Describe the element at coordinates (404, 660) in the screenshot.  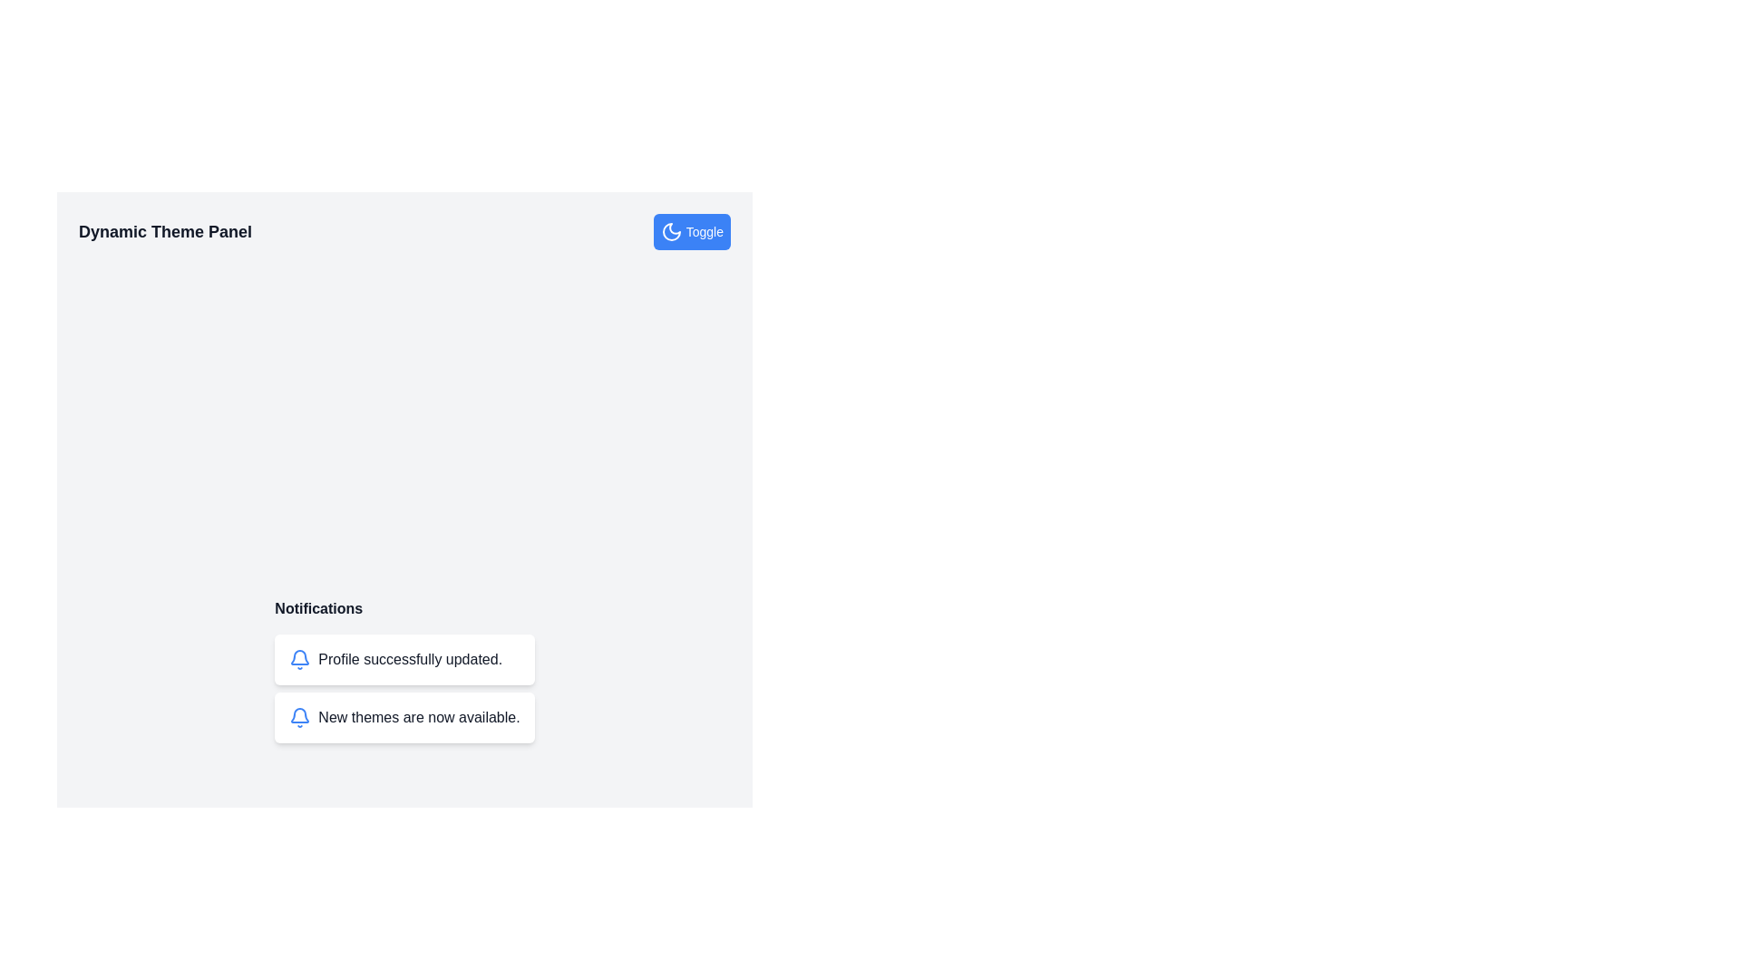
I see `the Notification Box that indicates the profile has been successfully updated, located under the 'Notifications' heading` at that location.